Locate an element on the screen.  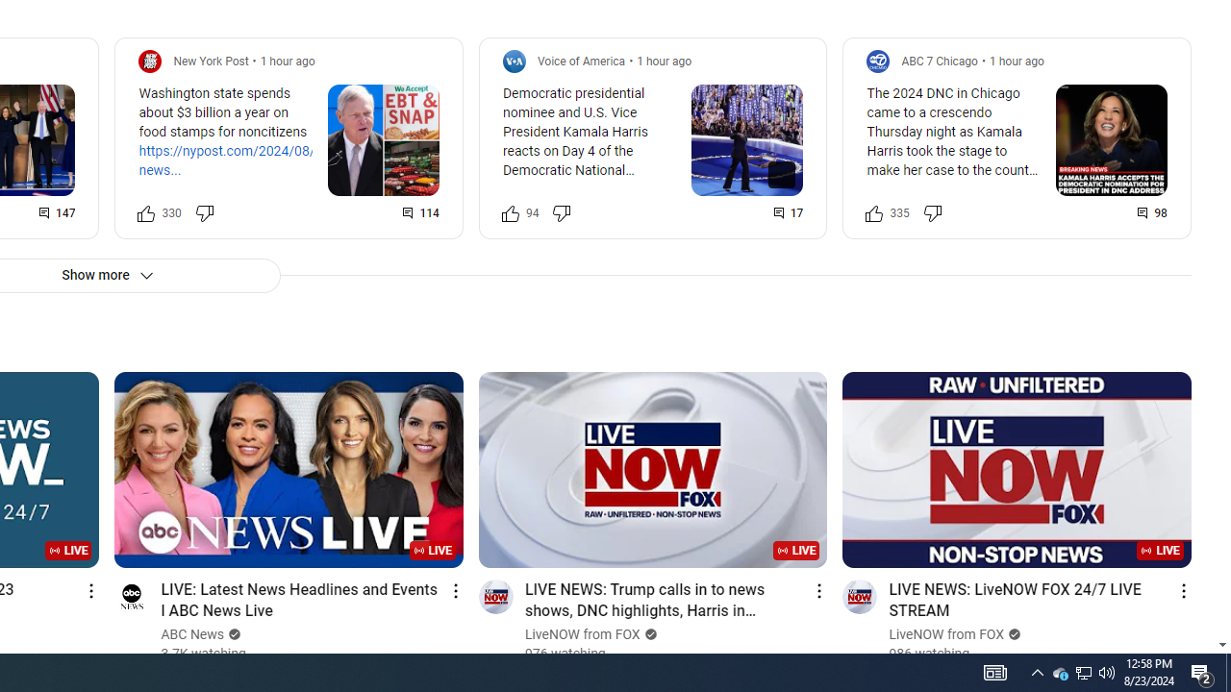
'Like this post along with 335 other people' is located at coordinates (873, 212).